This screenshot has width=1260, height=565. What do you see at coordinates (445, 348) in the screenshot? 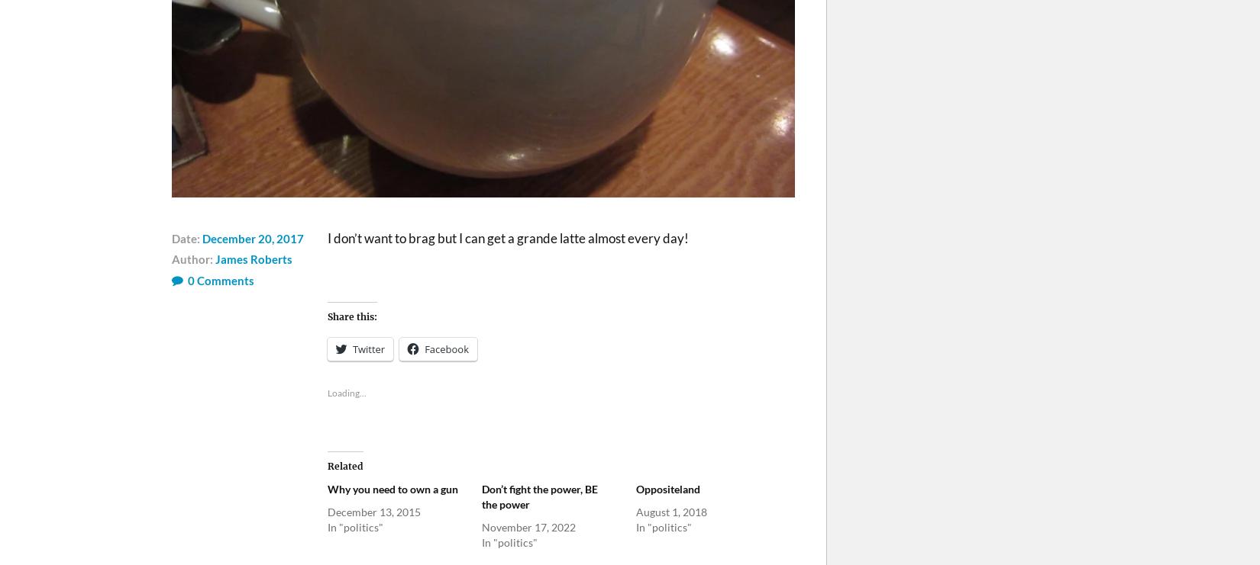
I see `'Facebook'` at bounding box center [445, 348].